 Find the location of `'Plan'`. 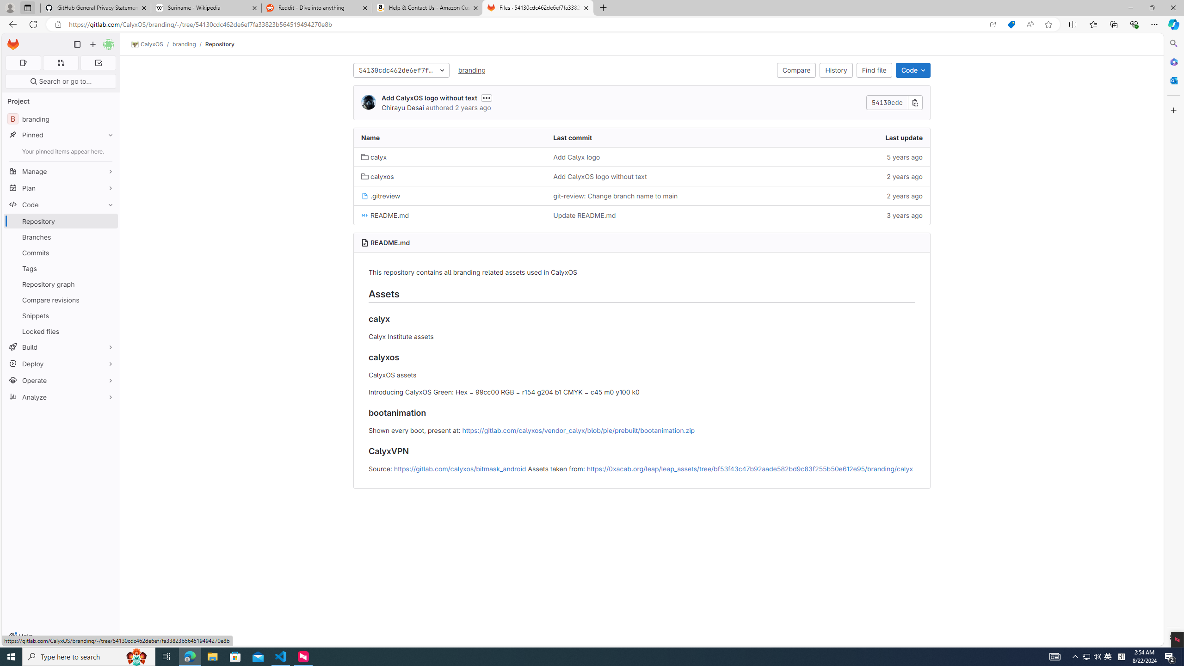

'Plan' is located at coordinates (60, 187).